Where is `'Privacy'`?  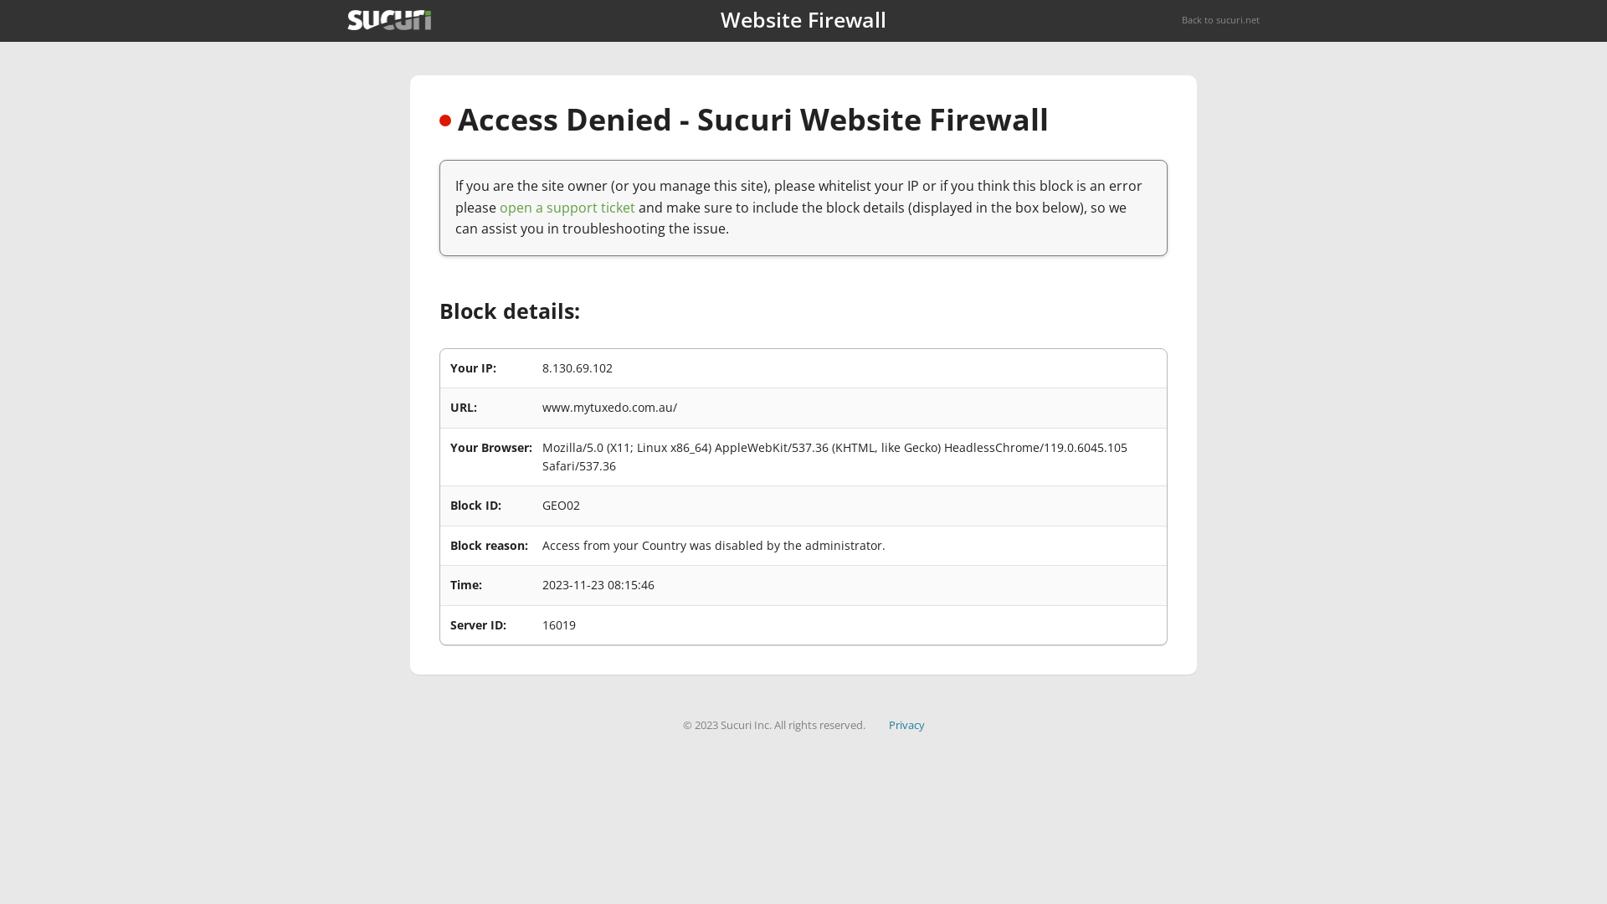
'Privacy' is located at coordinates (906, 724).